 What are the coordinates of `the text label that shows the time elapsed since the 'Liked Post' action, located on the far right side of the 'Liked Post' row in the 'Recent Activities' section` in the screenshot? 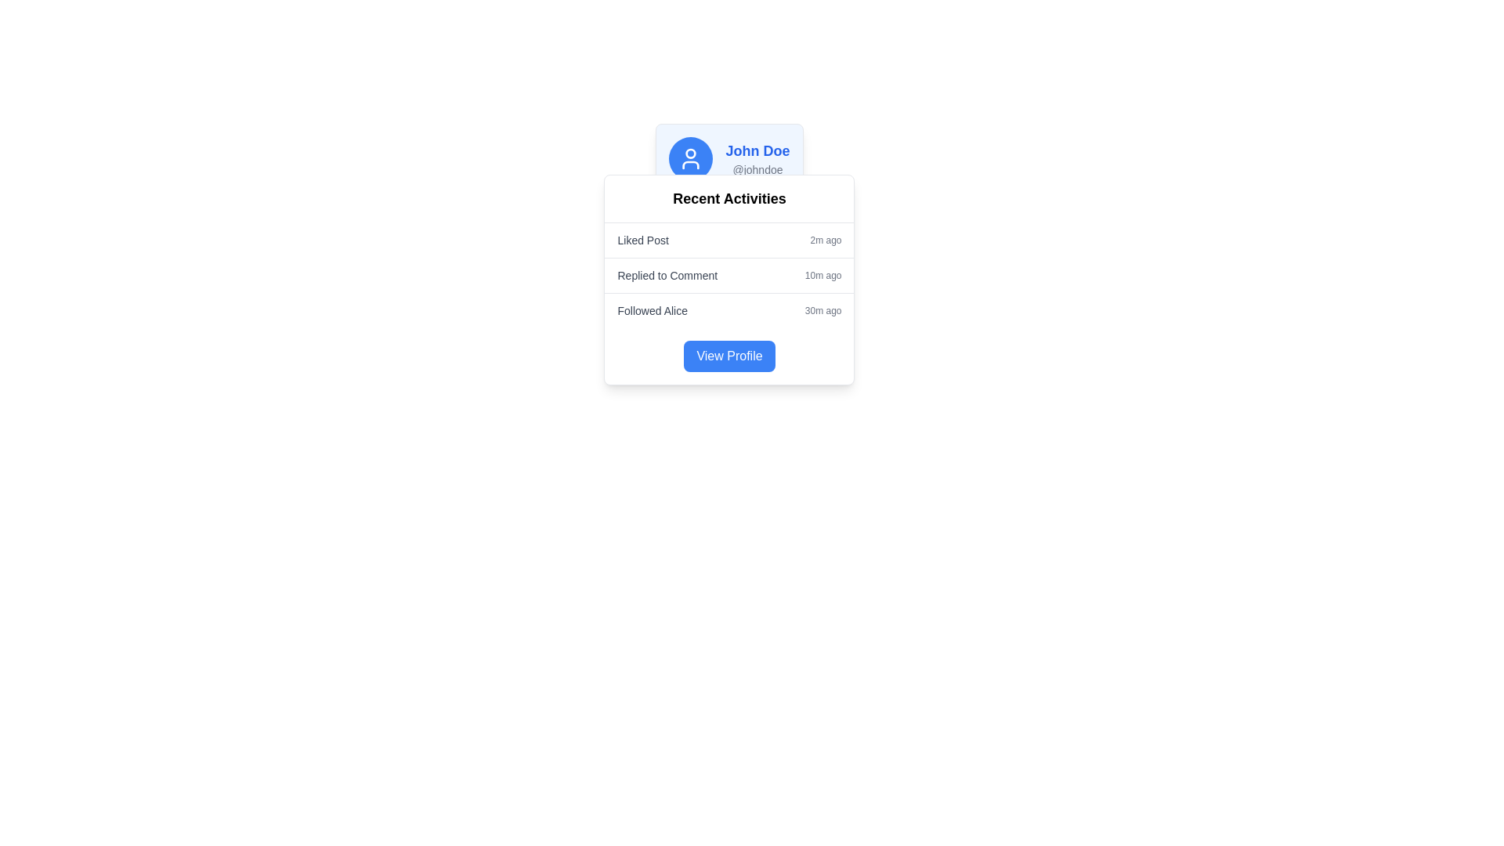 It's located at (825, 240).